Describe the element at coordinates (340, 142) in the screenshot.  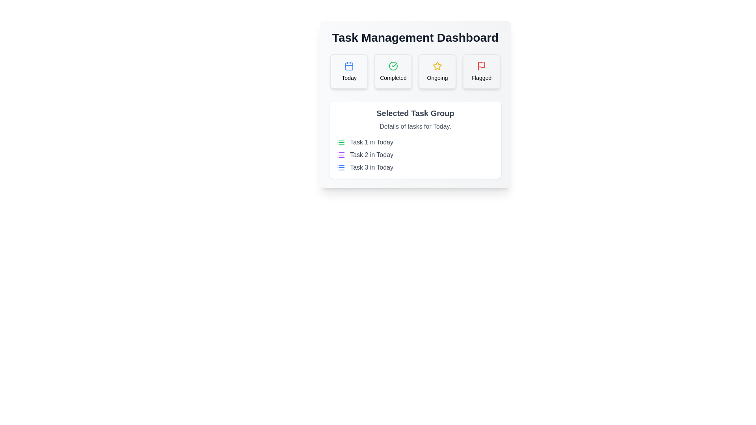
I see `the task list item icon located to the left of the text 'Task 1 in Today' in the task group interface` at that location.